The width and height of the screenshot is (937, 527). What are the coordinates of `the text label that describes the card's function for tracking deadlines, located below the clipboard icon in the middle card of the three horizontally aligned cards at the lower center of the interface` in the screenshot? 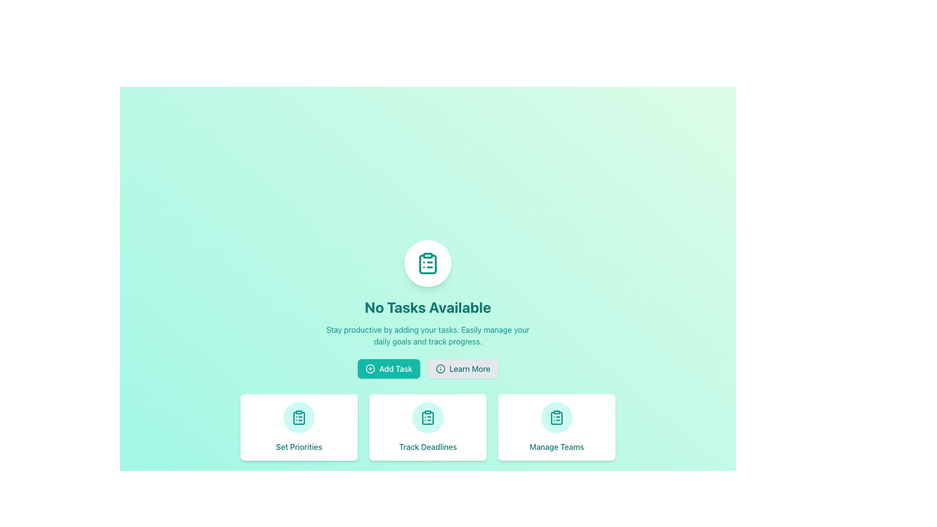 It's located at (428, 446).